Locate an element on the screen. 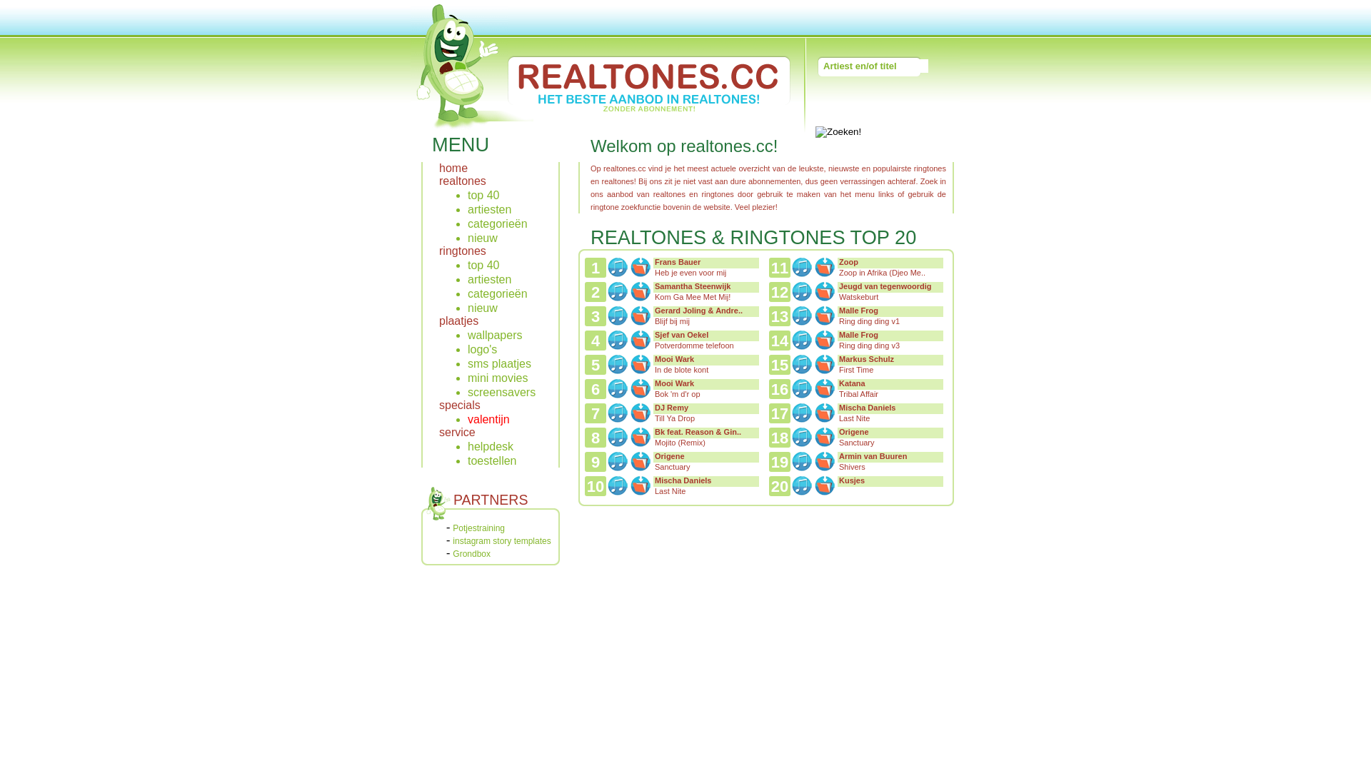 Image resolution: width=1371 pixels, height=771 pixels. 'Tribal Affair' is located at coordinates (858, 393).